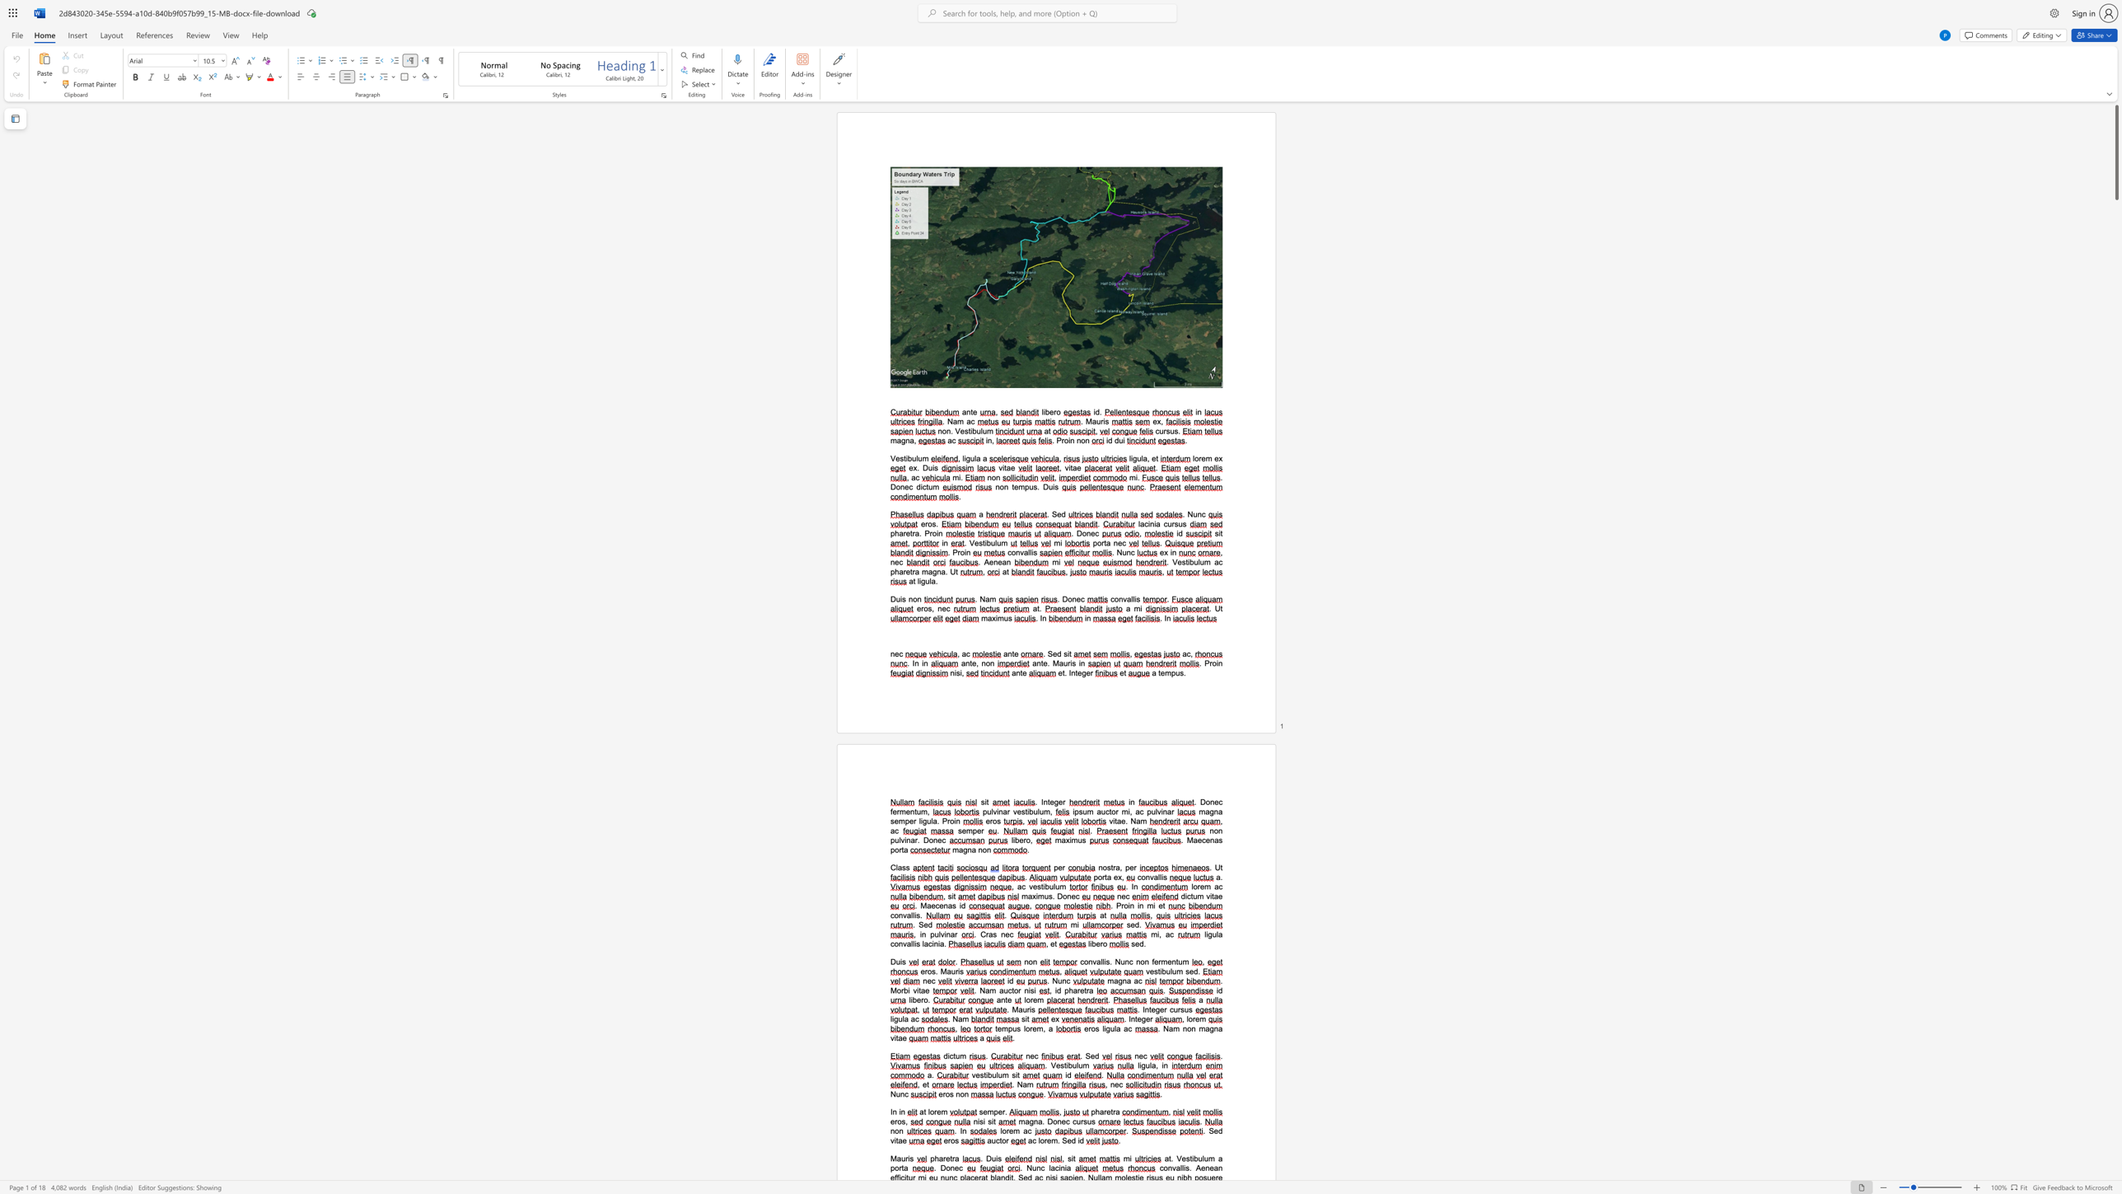 This screenshot has height=1194, width=2122. I want to click on the space between the continuous character "s" and "t" in the text, so click(903, 457).